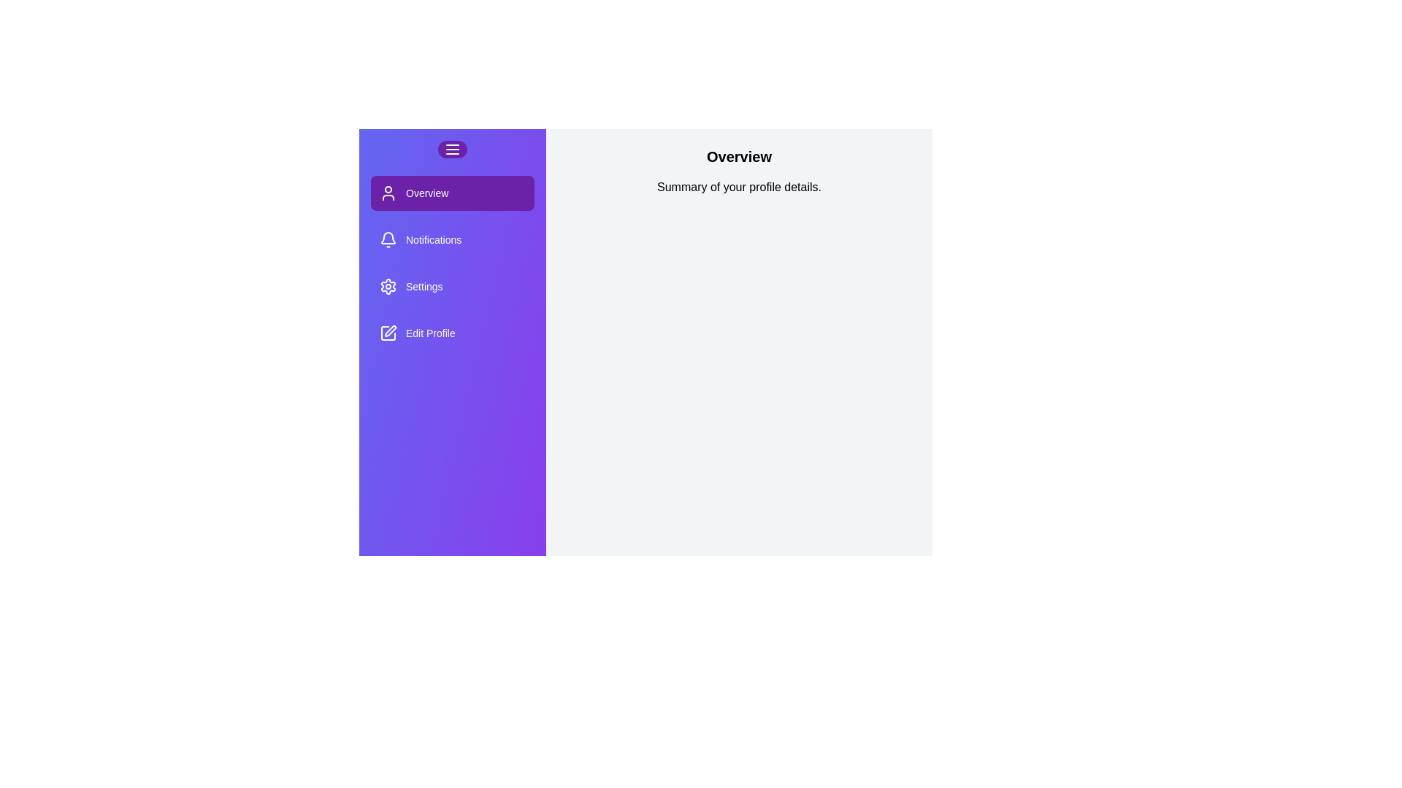 The image size is (1402, 788). I want to click on the Overview section from the menu, so click(451, 193).